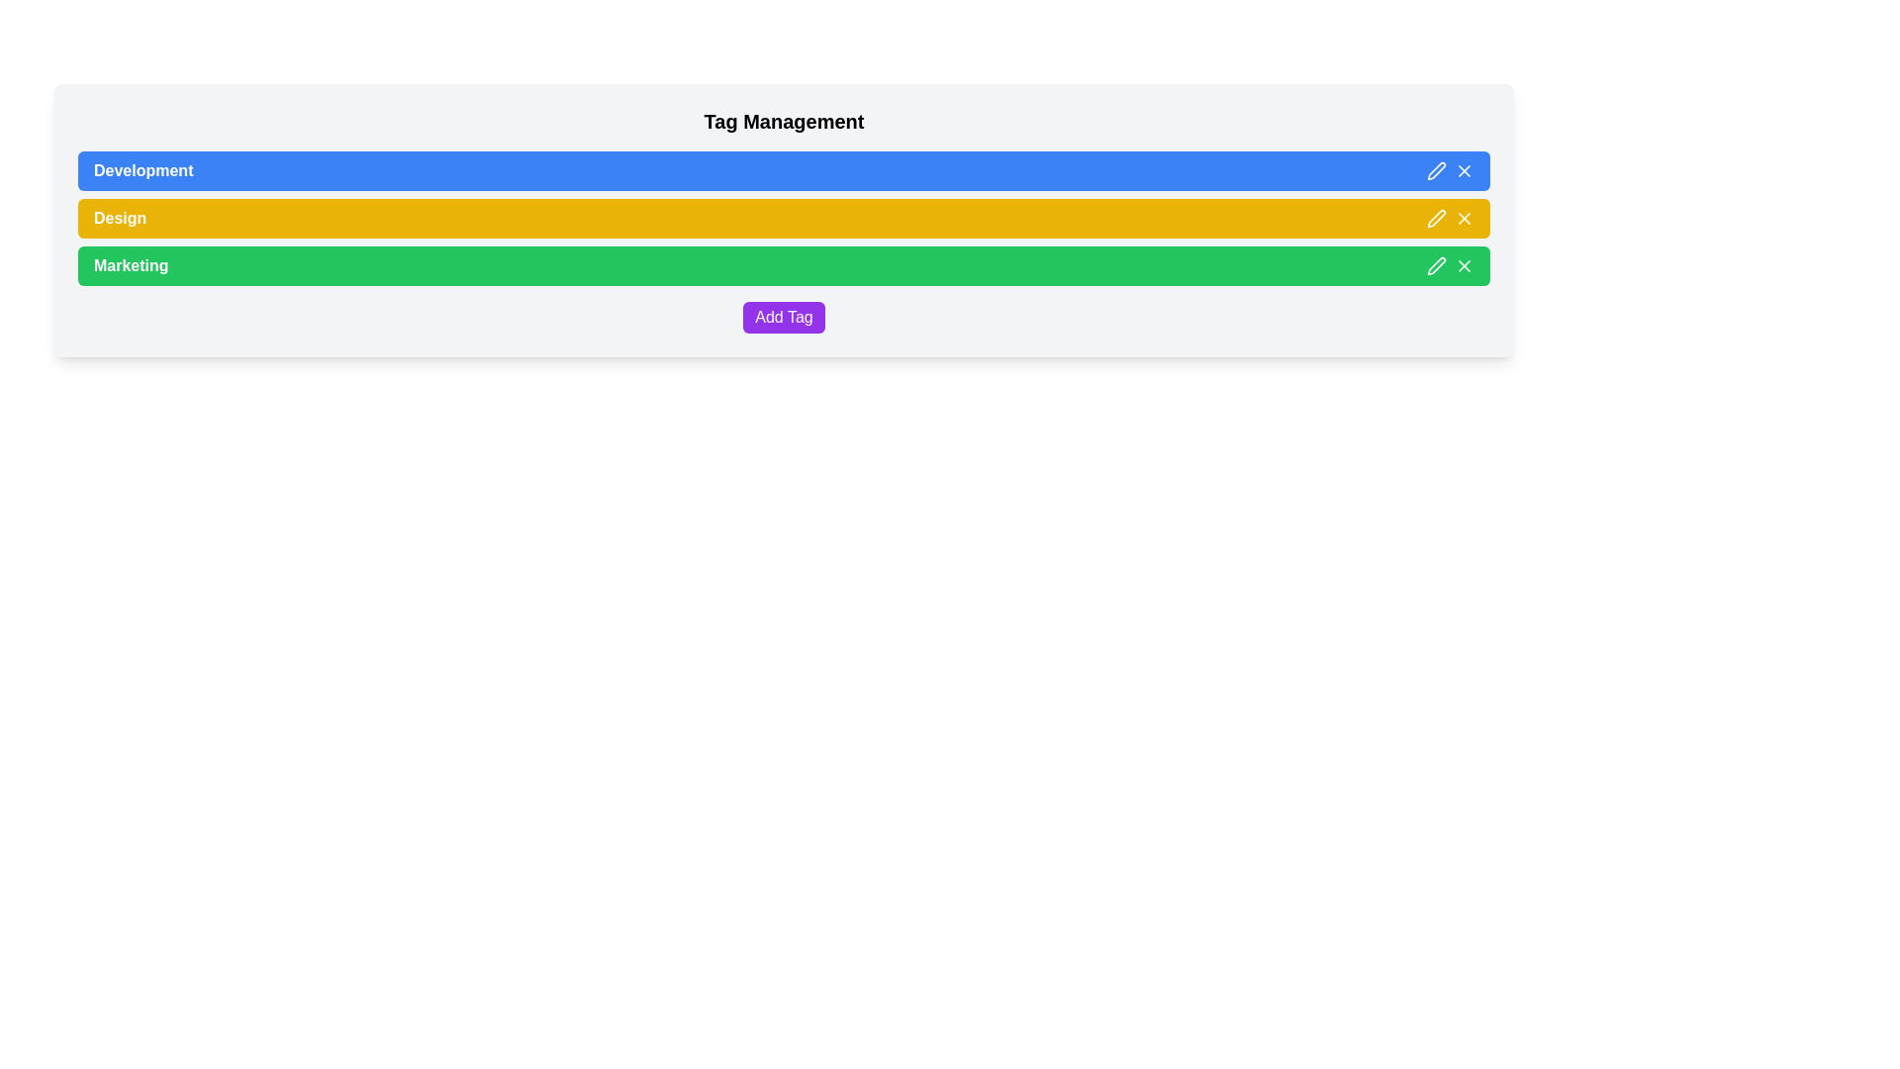 The image size is (1900, 1069). Describe the element at coordinates (1450, 265) in the screenshot. I see `the pencil icon located at the far right of the green background row labeled 'Marketing'` at that location.